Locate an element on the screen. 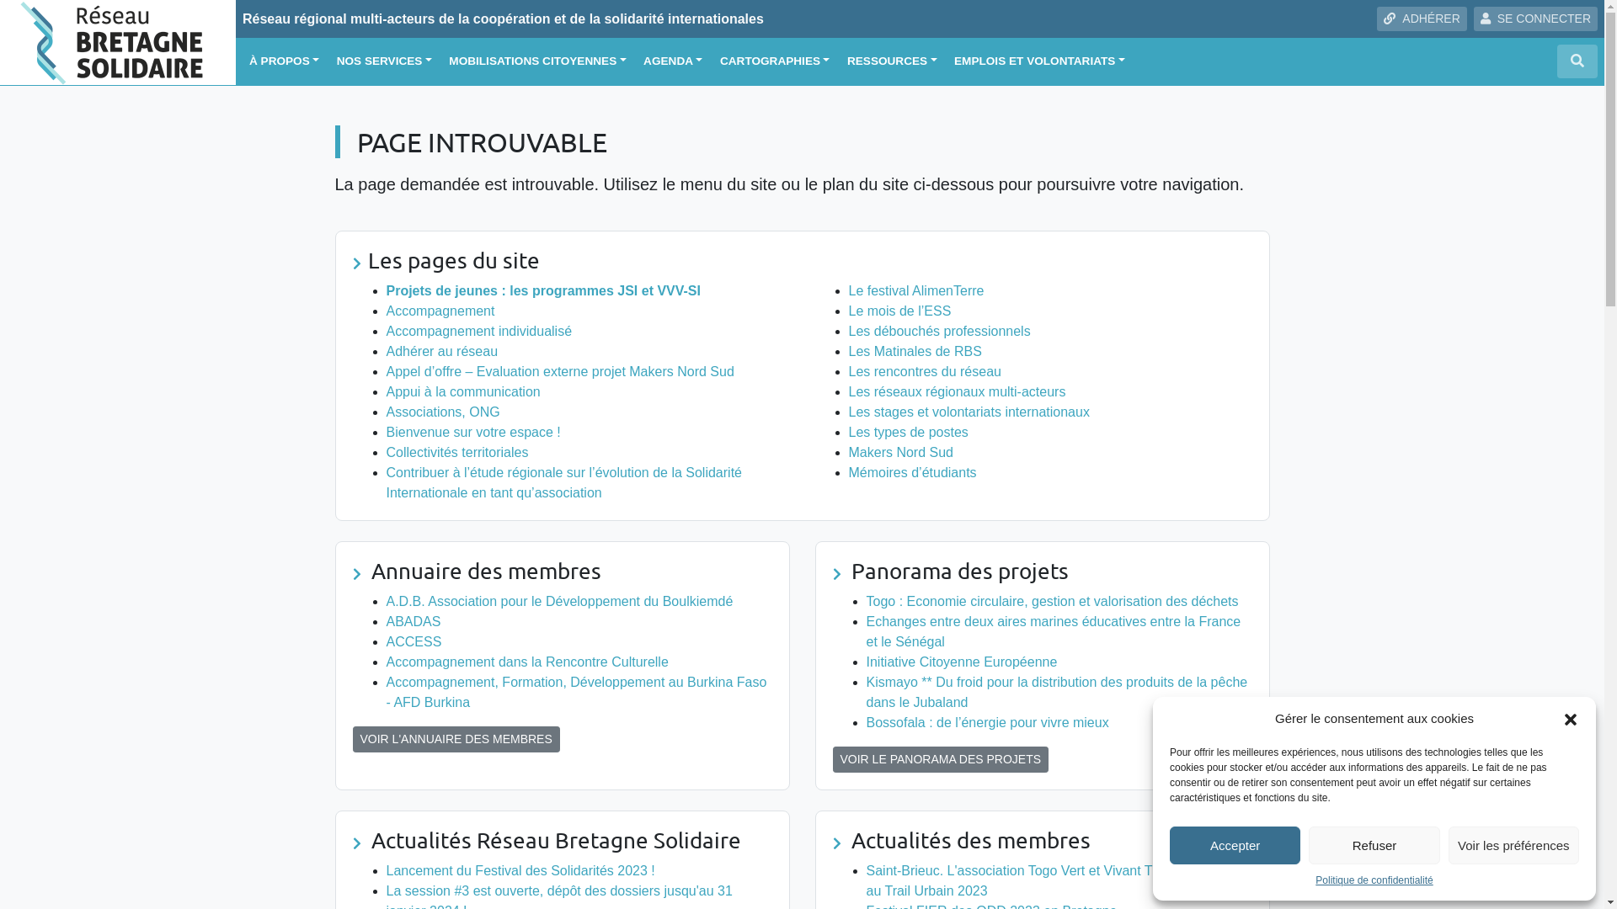  'ACCESS' is located at coordinates (413, 641).